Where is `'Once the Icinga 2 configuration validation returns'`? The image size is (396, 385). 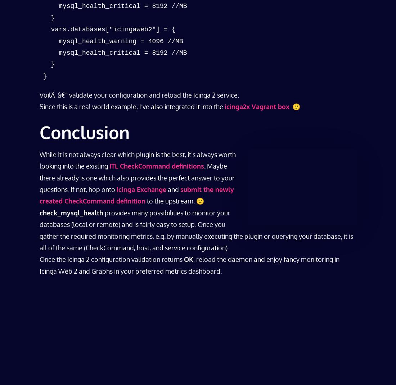
'Once the Icinga 2 configuration validation returns' is located at coordinates (111, 259).